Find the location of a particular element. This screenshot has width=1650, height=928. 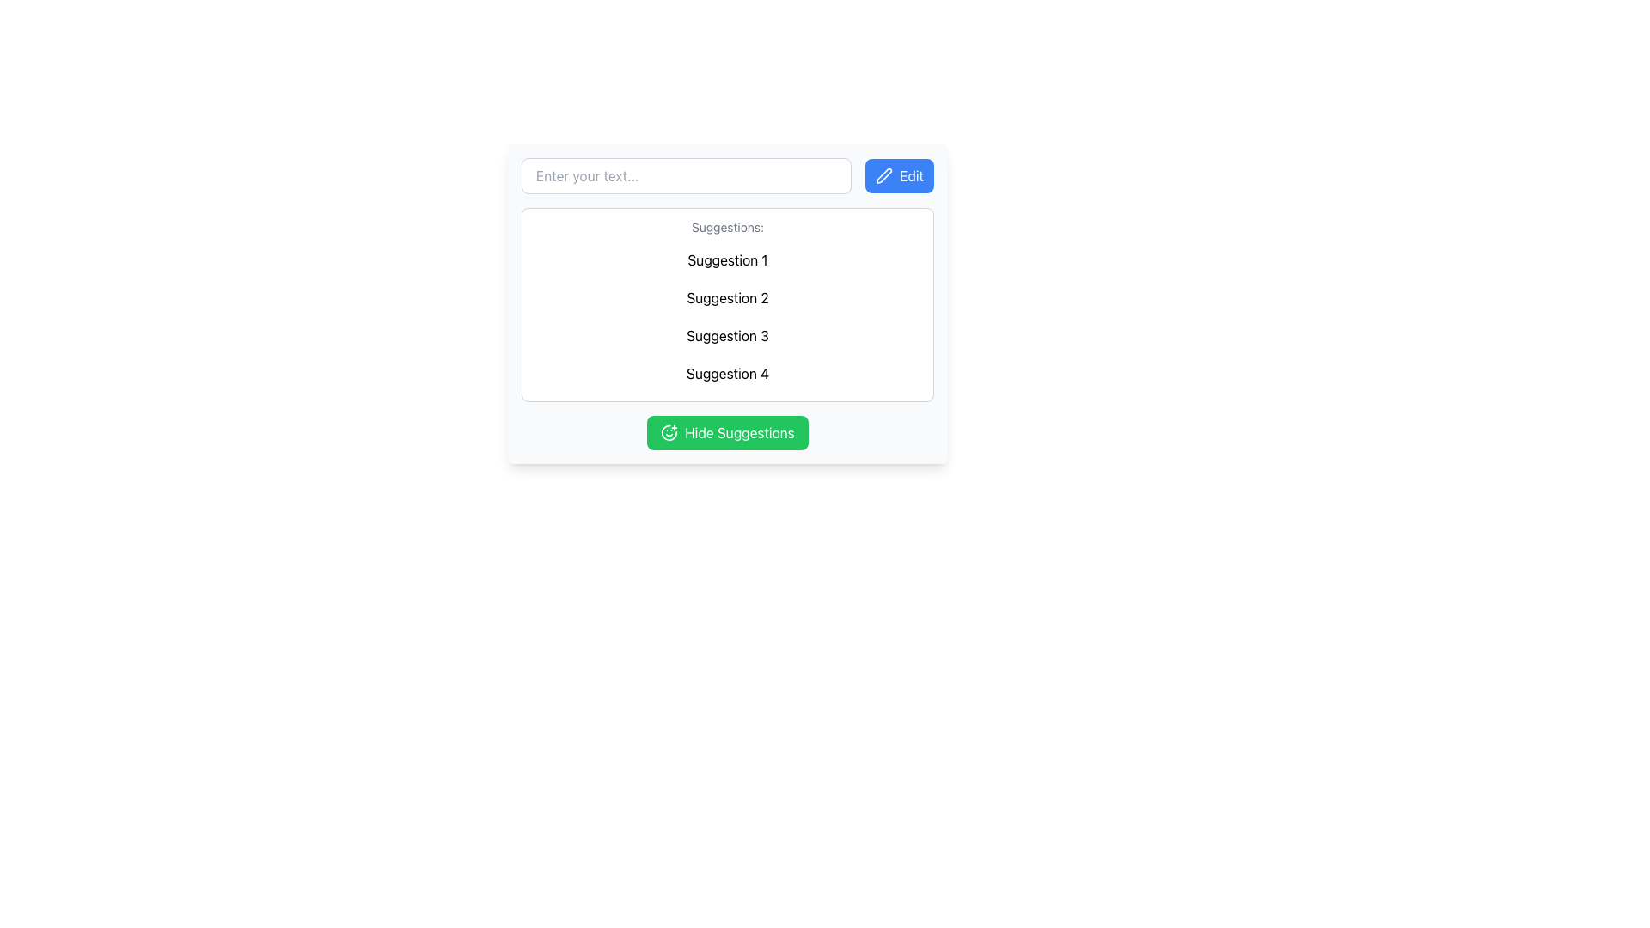

to select the first suggestion displayed in the suggestion box below the input field is located at coordinates (727, 260).